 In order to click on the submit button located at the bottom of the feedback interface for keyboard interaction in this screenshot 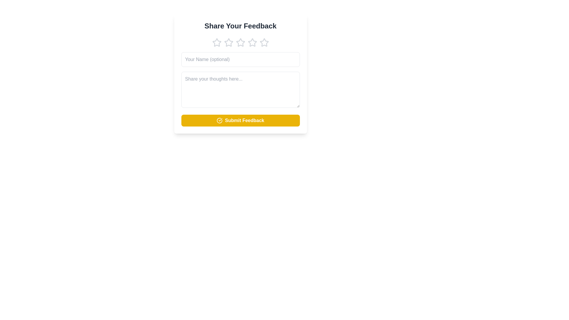, I will do `click(240, 120)`.